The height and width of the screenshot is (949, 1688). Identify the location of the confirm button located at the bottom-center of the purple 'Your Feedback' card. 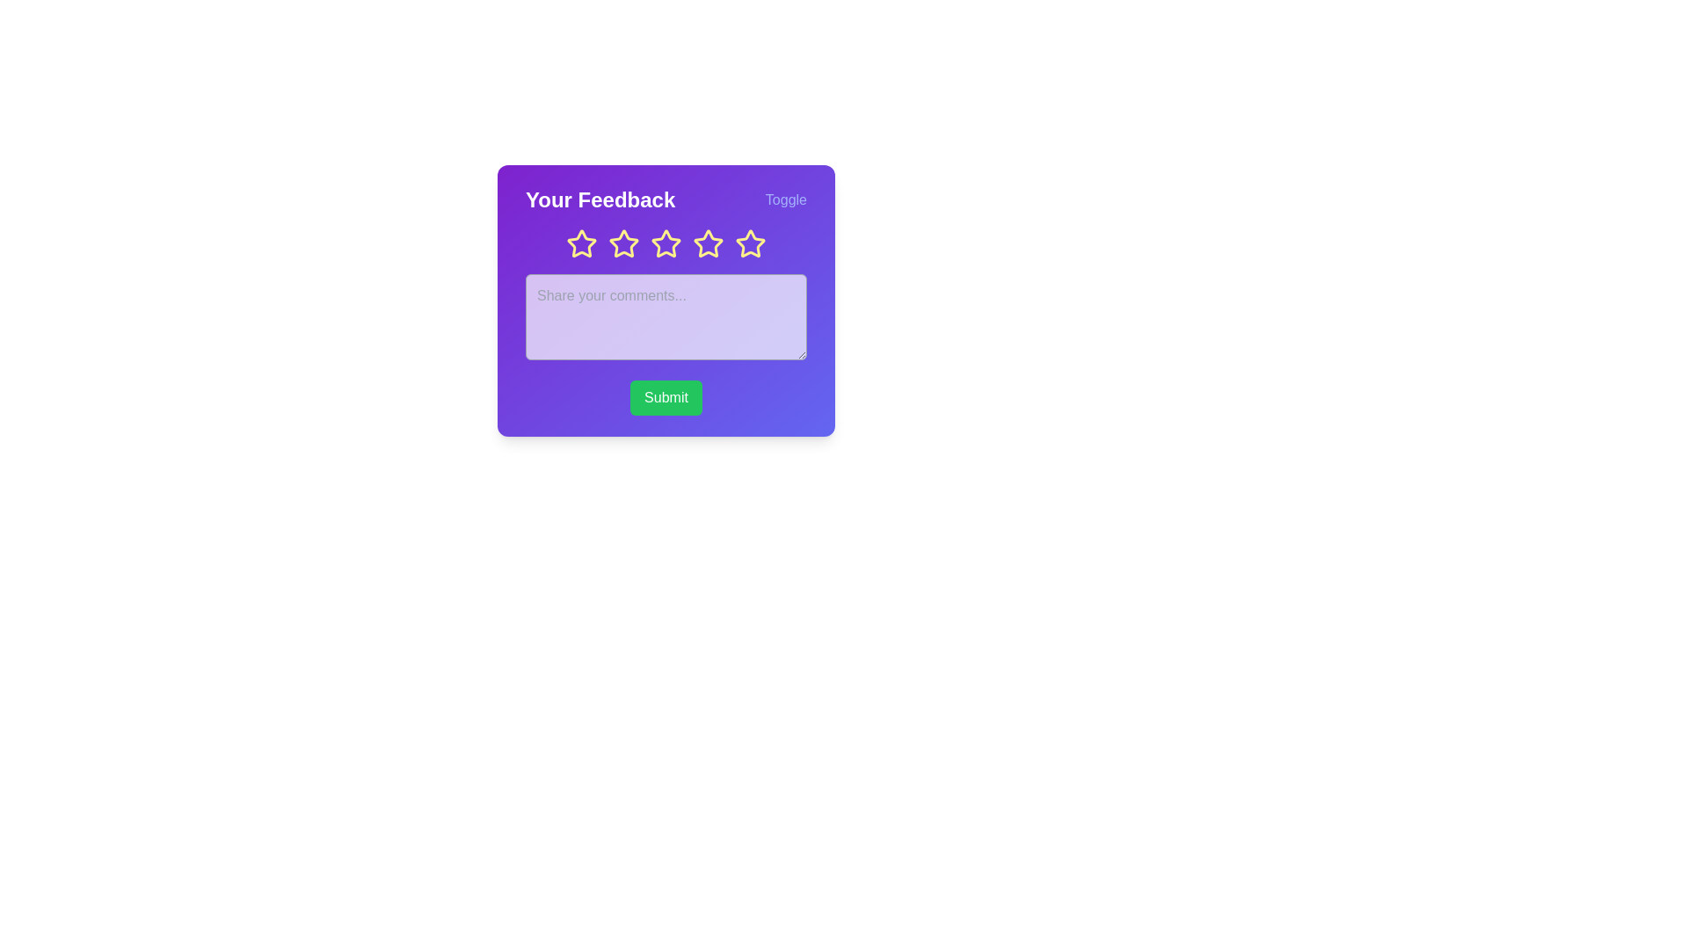
(666, 397).